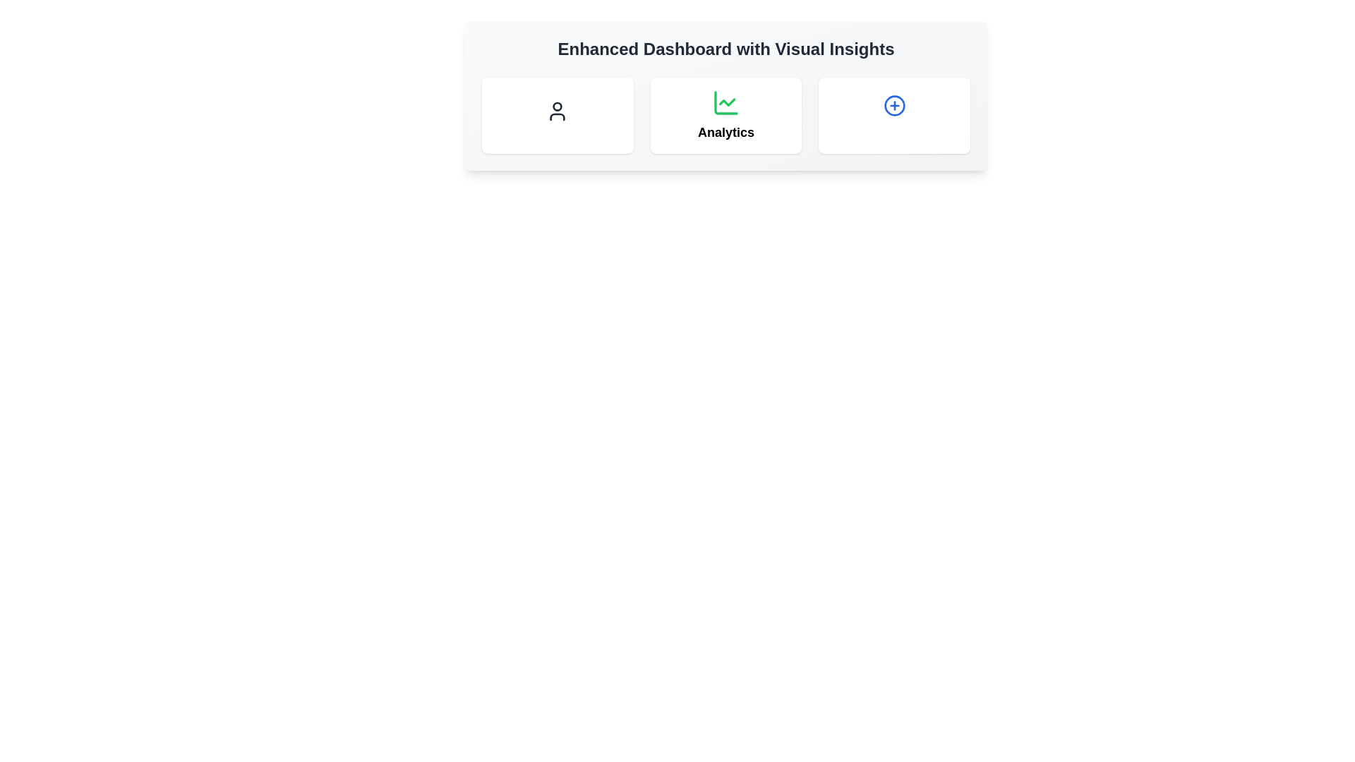 The image size is (1355, 762). I want to click on the leftmost button in the horizontal row under 'Enhanced Dashboard with Visual Insights', so click(557, 111).